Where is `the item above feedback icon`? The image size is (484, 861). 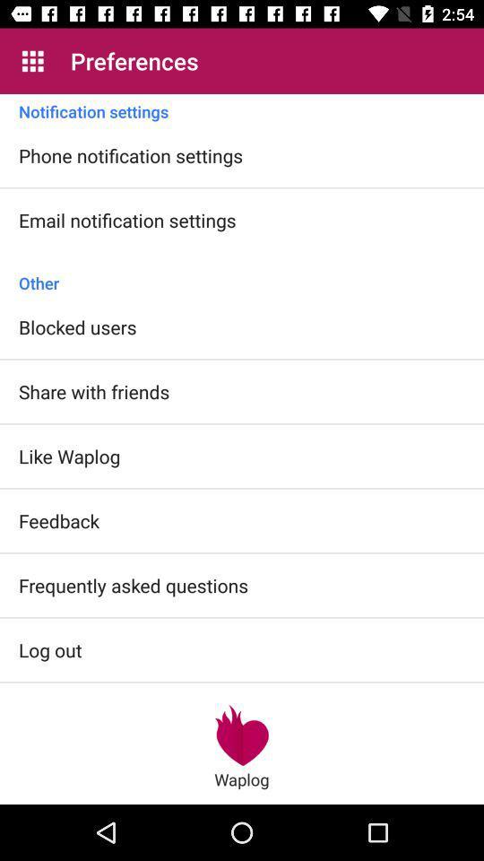 the item above feedback icon is located at coordinates (68, 455).